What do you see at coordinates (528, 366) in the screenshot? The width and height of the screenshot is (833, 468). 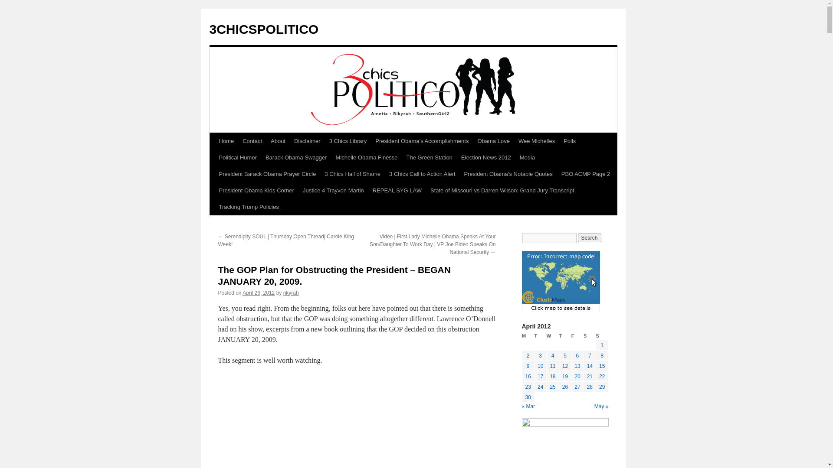 I see `'9'` at bounding box center [528, 366].